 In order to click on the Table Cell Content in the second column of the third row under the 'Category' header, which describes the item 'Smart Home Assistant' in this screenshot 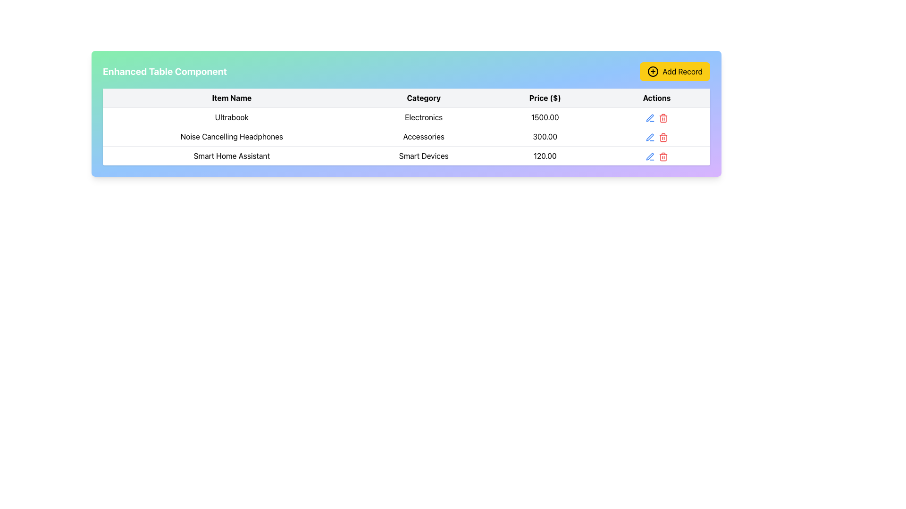, I will do `click(423, 155)`.